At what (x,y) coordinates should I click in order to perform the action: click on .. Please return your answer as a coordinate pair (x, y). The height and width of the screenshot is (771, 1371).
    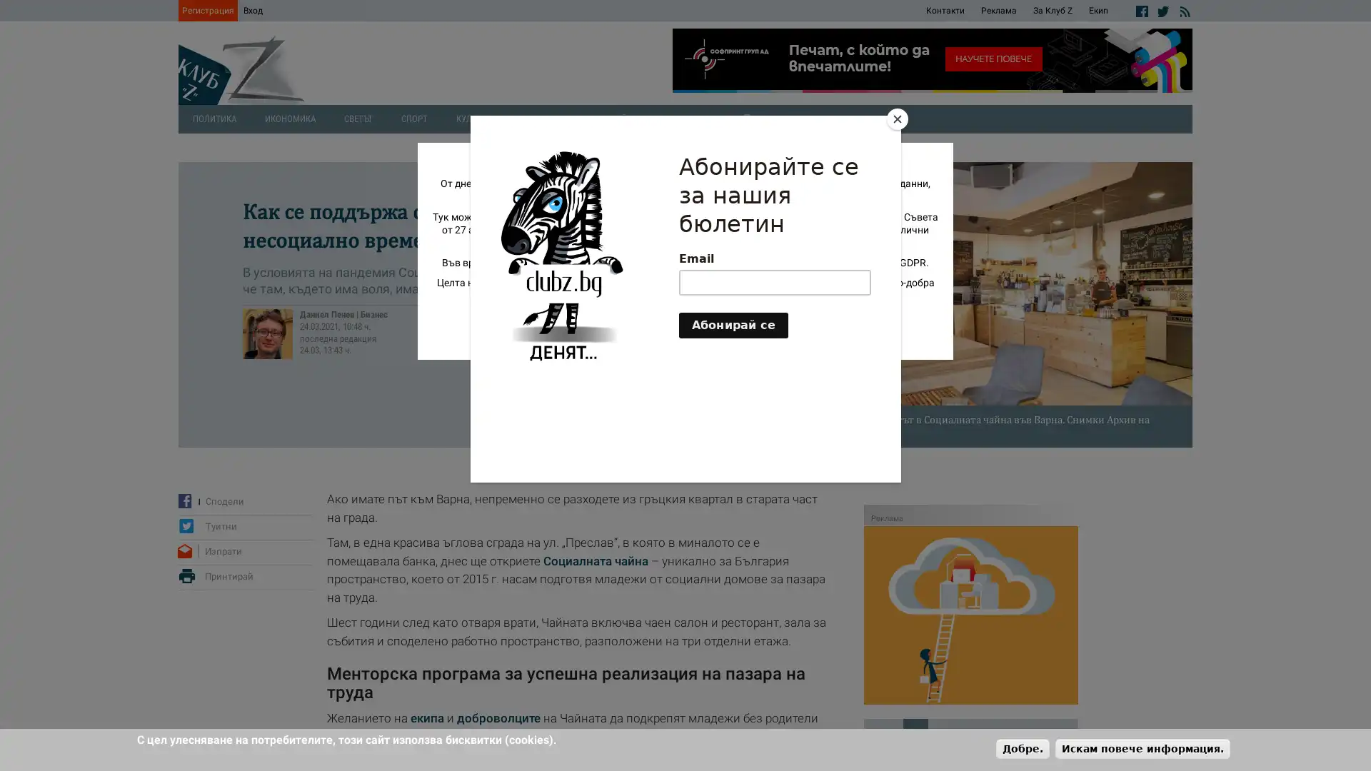
    Looking at the image, I should click on (1142, 747).